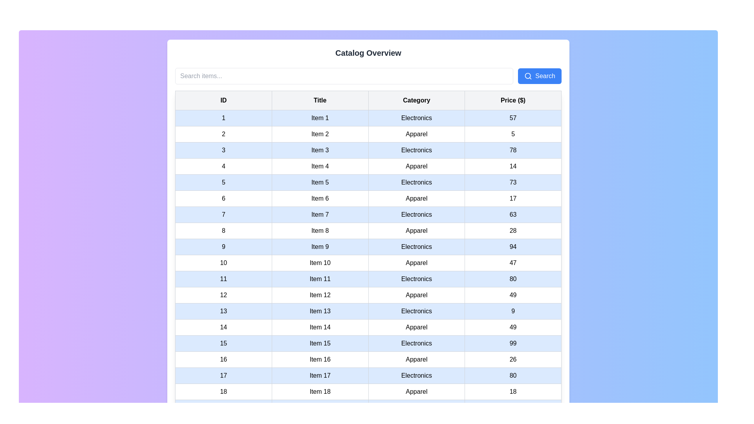 The image size is (754, 424). What do you see at coordinates (513, 118) in the screenshot?
I see `the fourth cell in the row displaying '1, Item 1, Electronics, 57', which shows the price '57' in the 'Price ($)' column of the table` at bounding box center [513, 118].